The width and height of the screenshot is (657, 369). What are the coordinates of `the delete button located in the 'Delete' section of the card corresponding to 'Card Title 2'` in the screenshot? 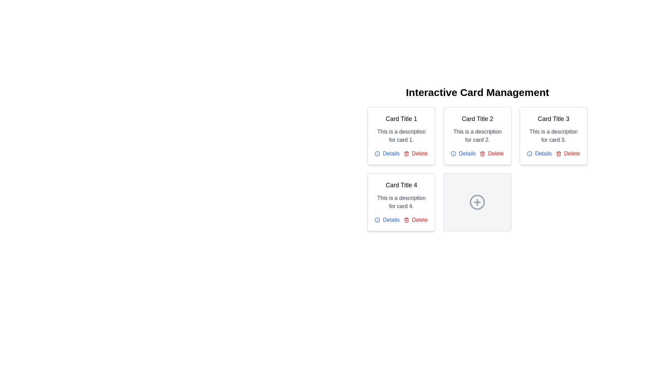 It's located at (491, 154).